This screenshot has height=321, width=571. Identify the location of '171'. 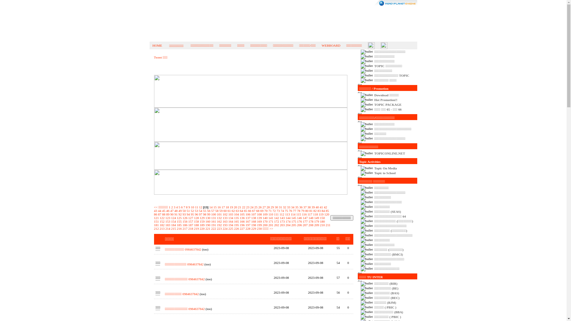
(268, 221).